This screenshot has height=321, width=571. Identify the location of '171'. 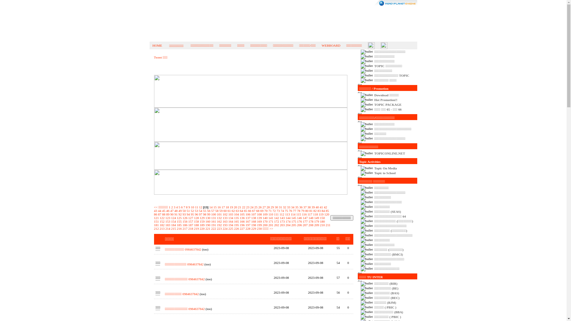
(268, 221).